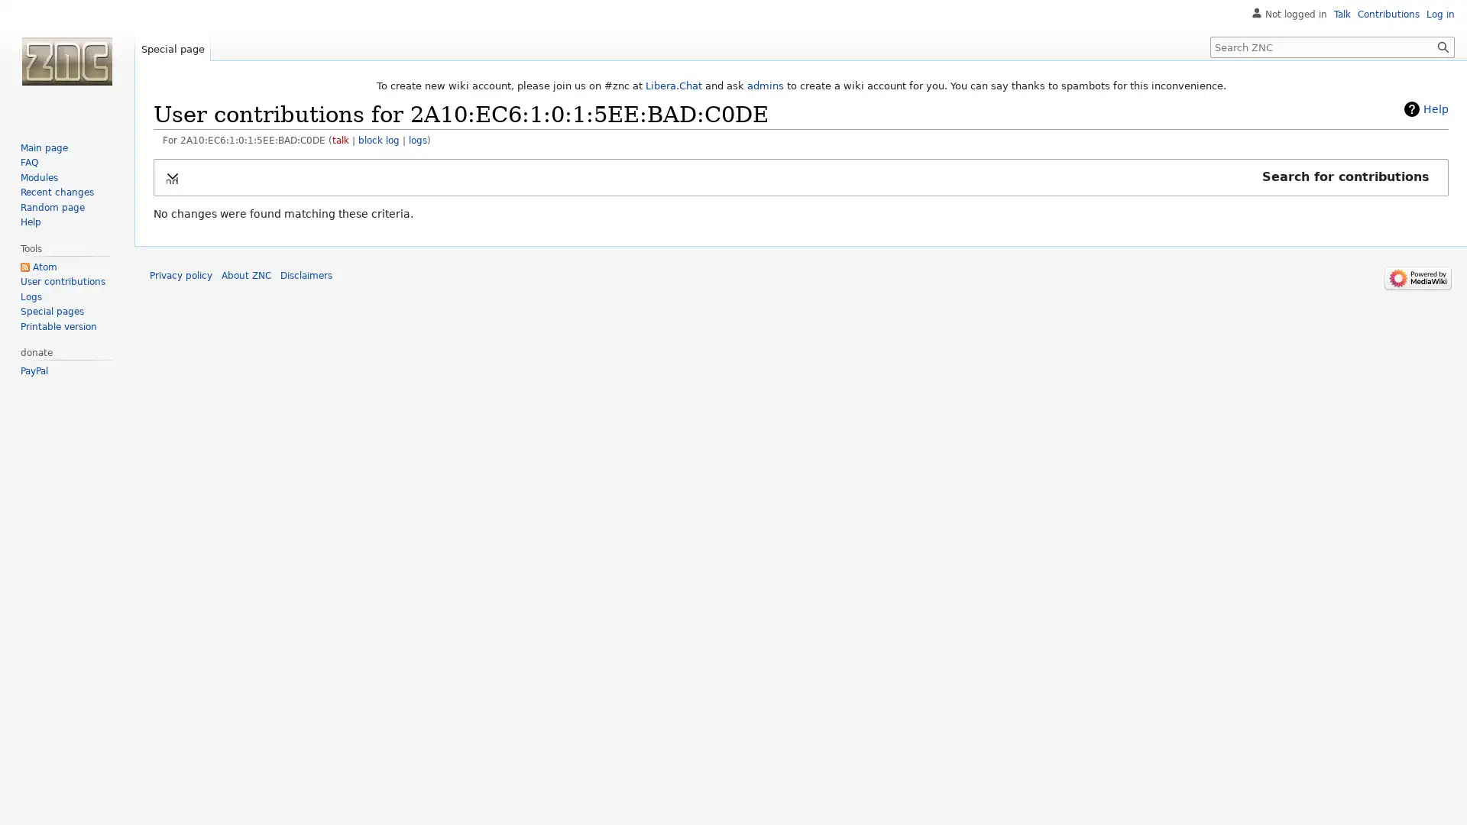  Describe the element at coordinates (1443, 46) in the screenshot. I see `Go` at that location.